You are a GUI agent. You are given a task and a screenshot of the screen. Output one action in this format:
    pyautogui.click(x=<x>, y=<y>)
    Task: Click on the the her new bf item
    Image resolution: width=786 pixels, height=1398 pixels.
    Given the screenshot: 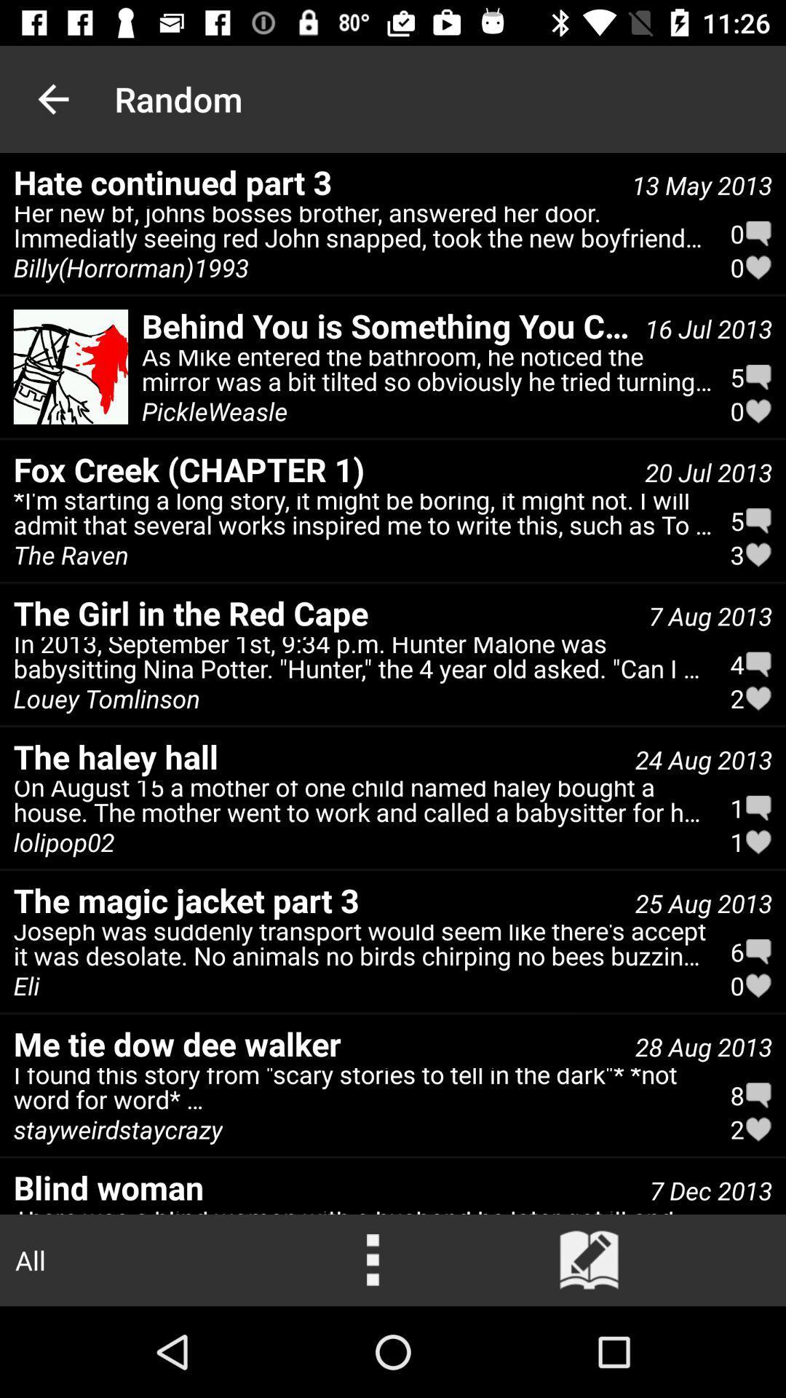 What is the action you would take?
    pyautogui.click(x=362, y=230)
    